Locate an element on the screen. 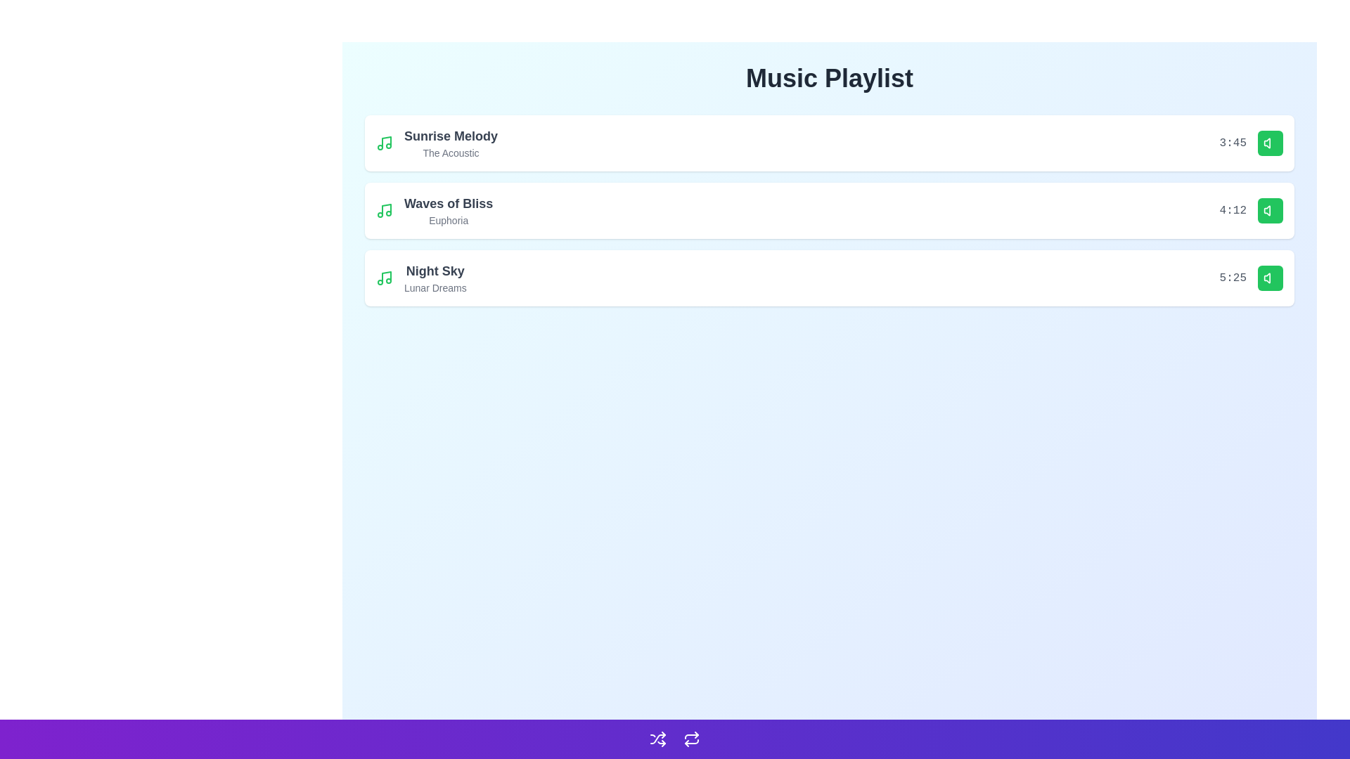 The image size is (1350, 759). the text label that serves as the title of the music track, which is positioned above the text 'Euphoria' in the playlist is located at coordinates (448, 203).